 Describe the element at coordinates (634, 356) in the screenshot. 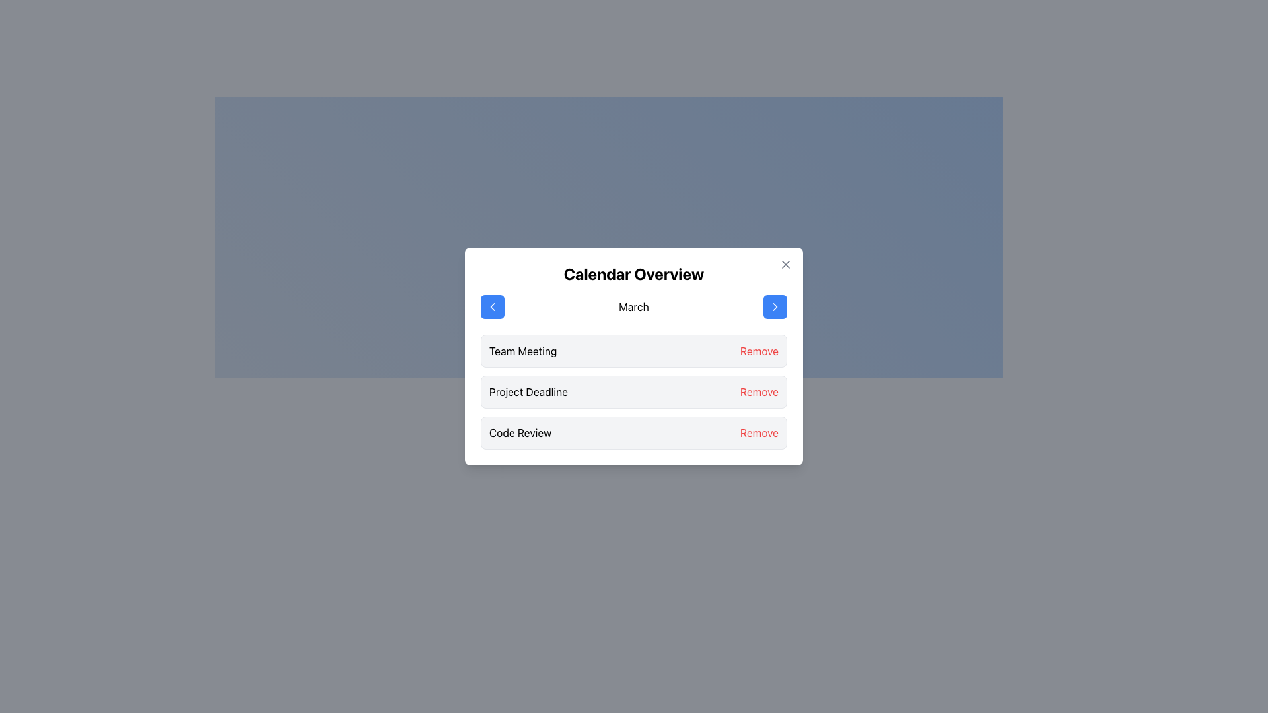

I see `list of events displayed in the Card UI Component located at the center of the modal dialog` at that location.